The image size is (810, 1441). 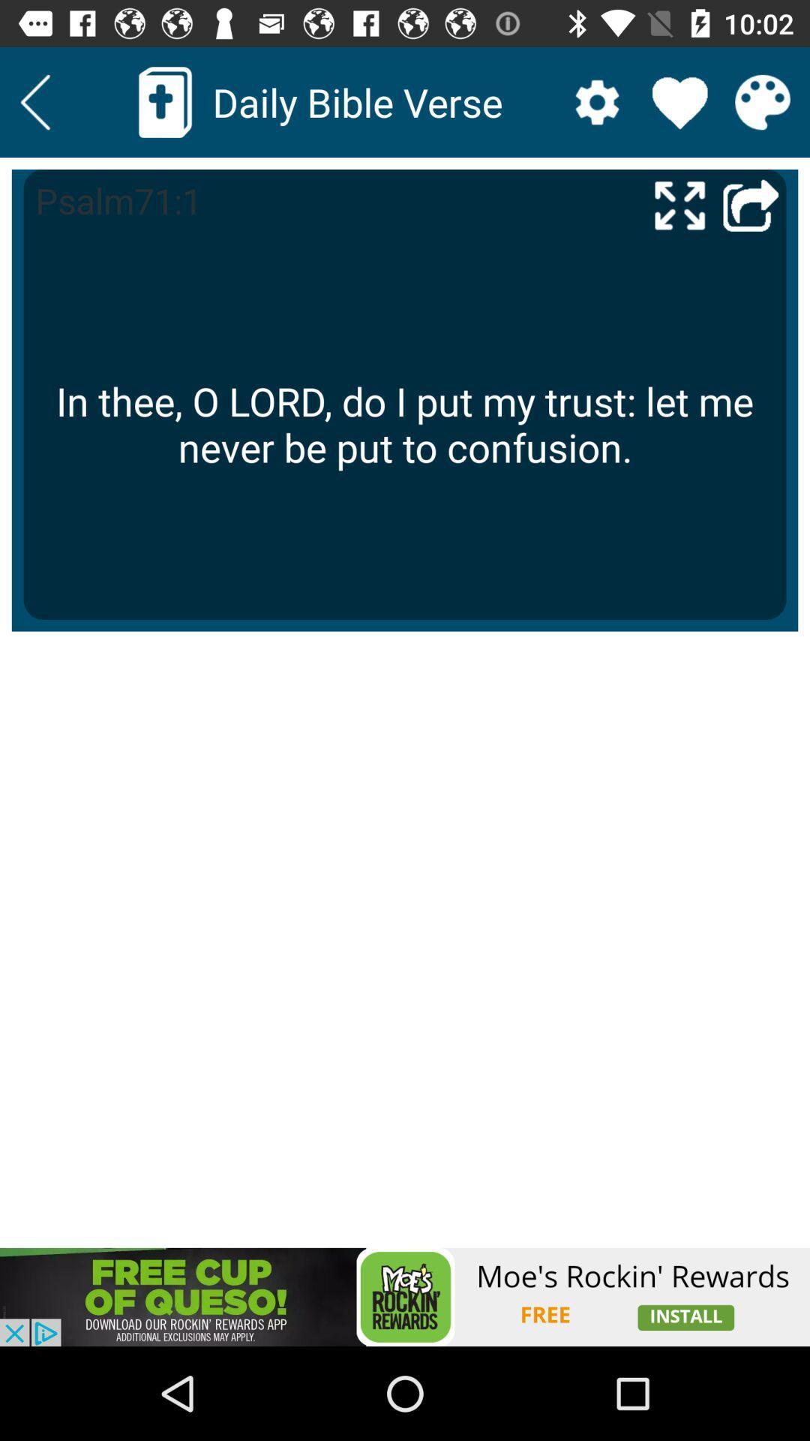 I want to click on expand the image, so click(x=679, y=204).